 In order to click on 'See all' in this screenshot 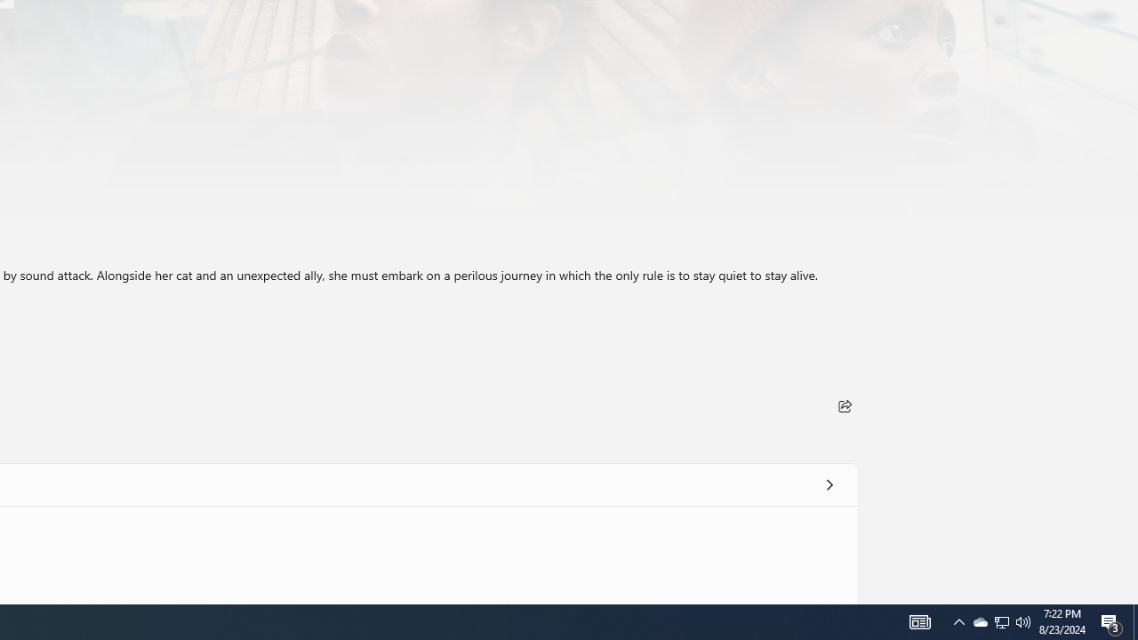, I will do `click(828, 484)`.